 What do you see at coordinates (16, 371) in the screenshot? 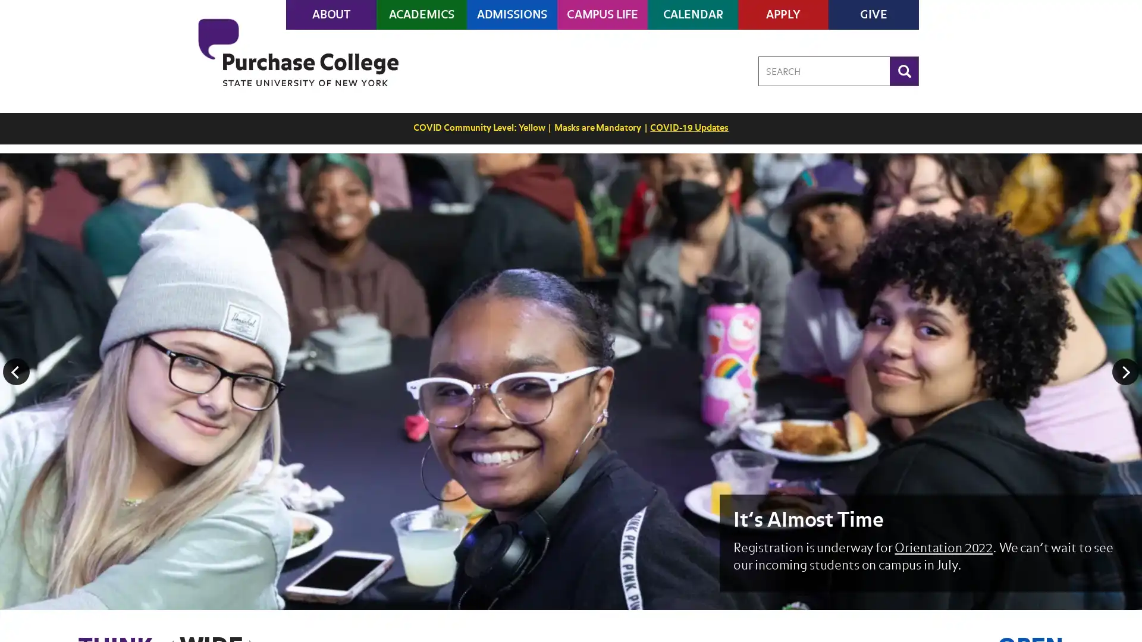
I see `Previous Image` at bounding box center [16, 371].